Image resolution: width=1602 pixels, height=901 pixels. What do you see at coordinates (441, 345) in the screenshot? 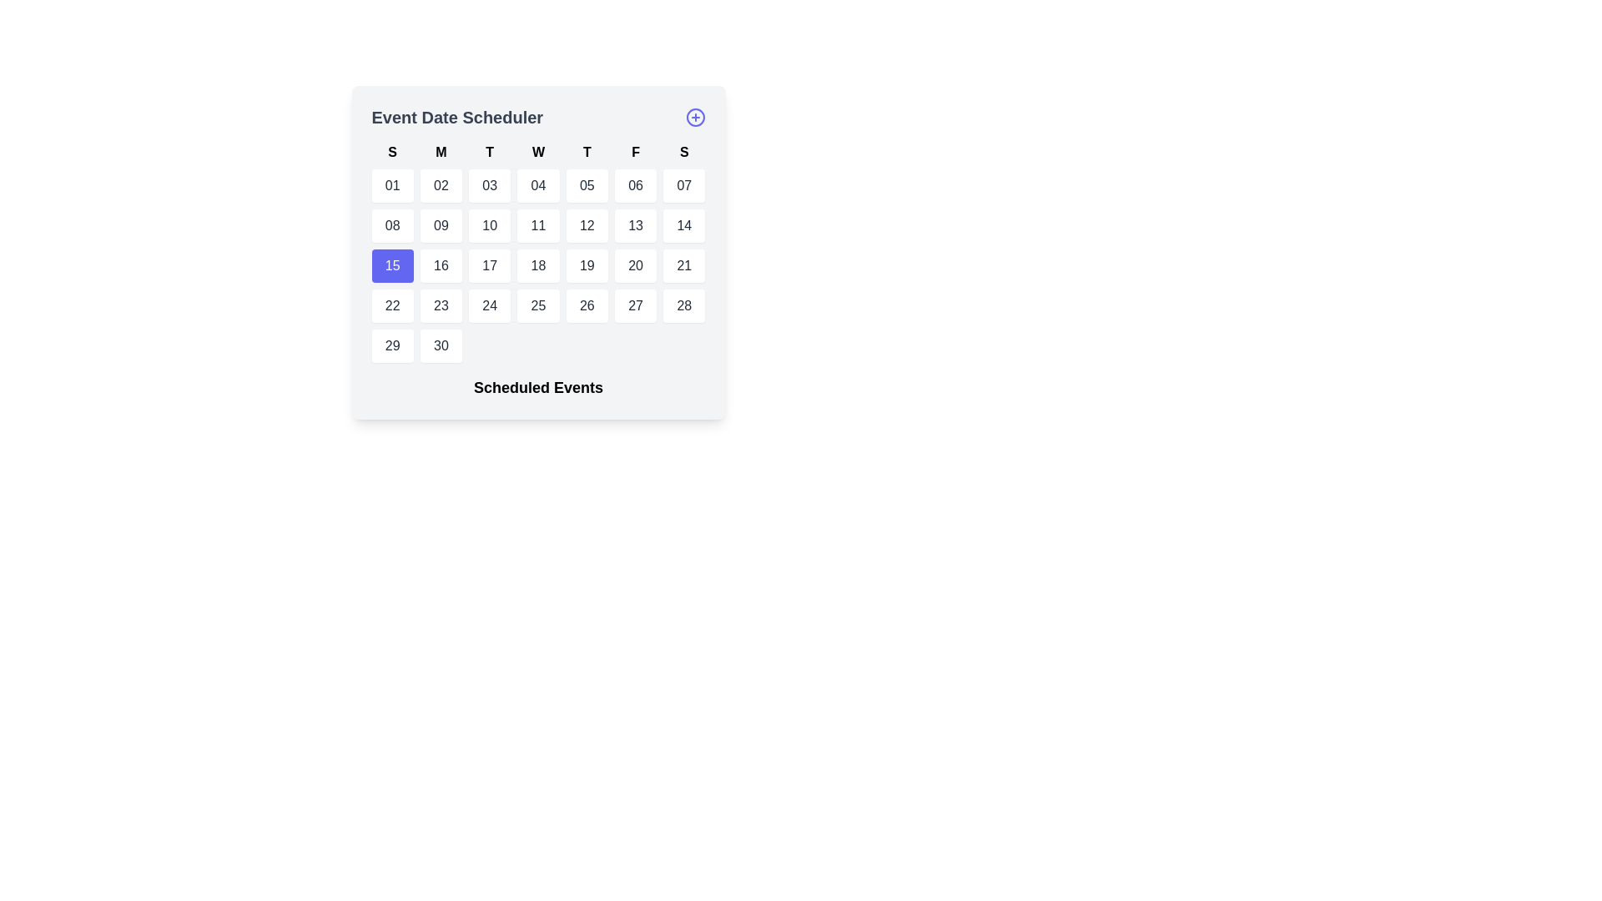
I see `the date '30' button` at bounding box center [441, 345].